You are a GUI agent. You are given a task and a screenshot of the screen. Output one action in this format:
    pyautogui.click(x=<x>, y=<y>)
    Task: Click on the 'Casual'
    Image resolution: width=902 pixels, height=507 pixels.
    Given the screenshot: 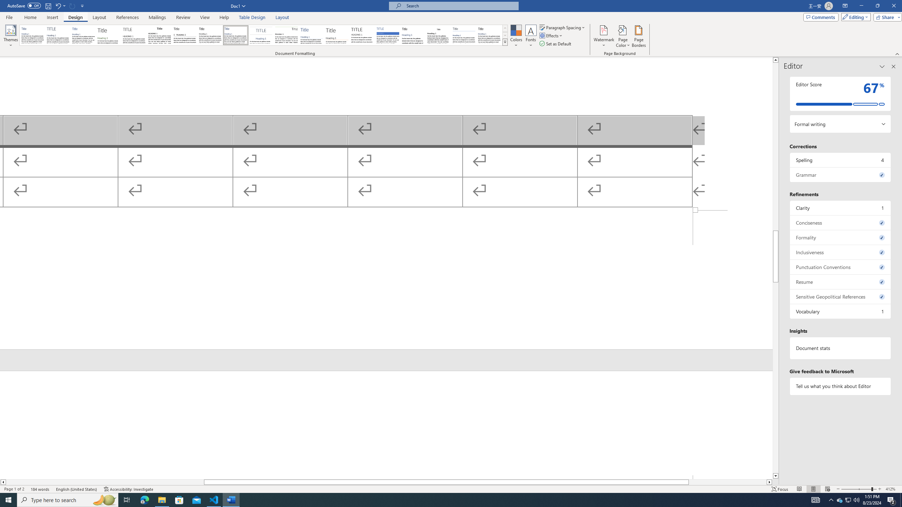 What is the action you would take?
    pyautogui.click(x=235, y=35)
    